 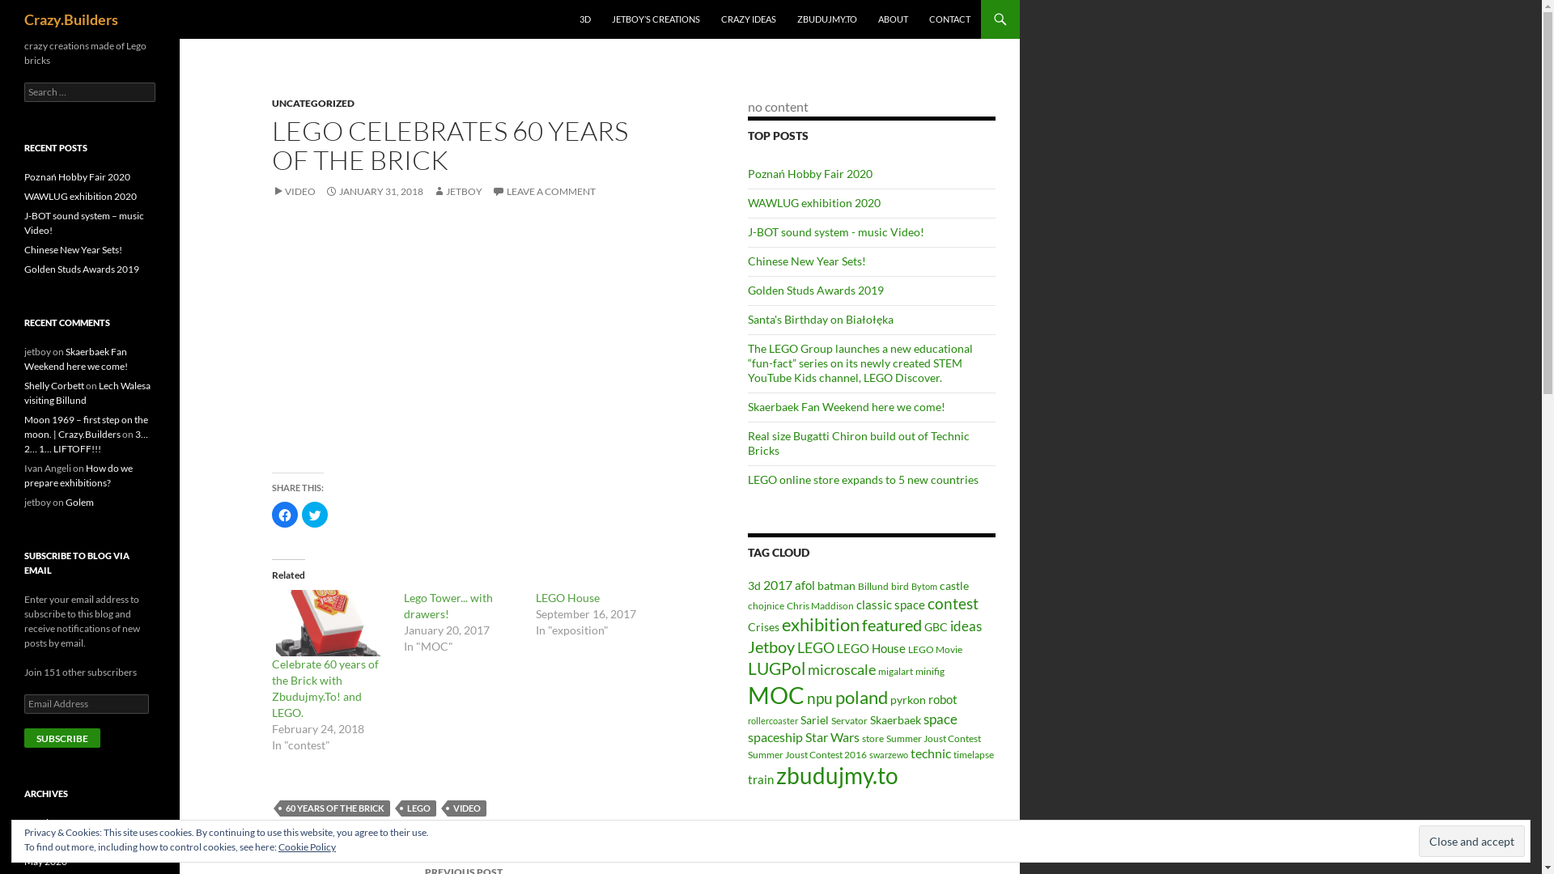 I want to click on 'Chris Maddison', so click(x=820, y=605).